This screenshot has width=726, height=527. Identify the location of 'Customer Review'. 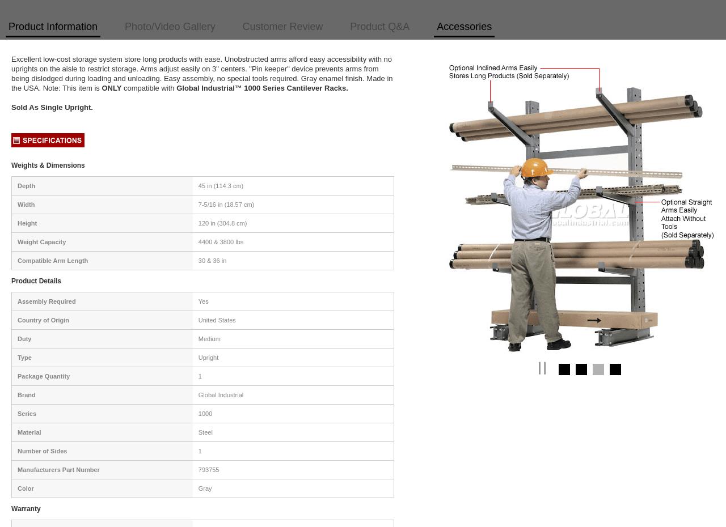
(282, 25).